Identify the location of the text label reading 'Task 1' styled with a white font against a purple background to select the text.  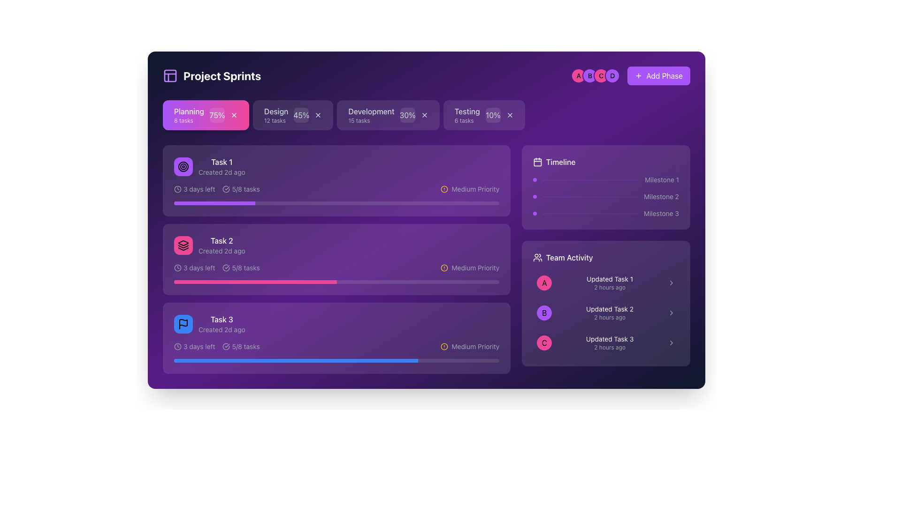
(221, 162).